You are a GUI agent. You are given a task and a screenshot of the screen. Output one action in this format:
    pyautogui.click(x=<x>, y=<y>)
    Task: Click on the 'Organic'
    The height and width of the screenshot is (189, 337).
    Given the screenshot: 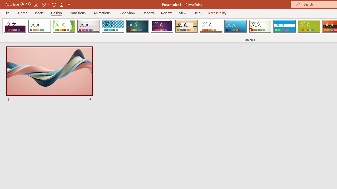 What is the action you would take?
    pyautogui.click(x=186, y=26)
    